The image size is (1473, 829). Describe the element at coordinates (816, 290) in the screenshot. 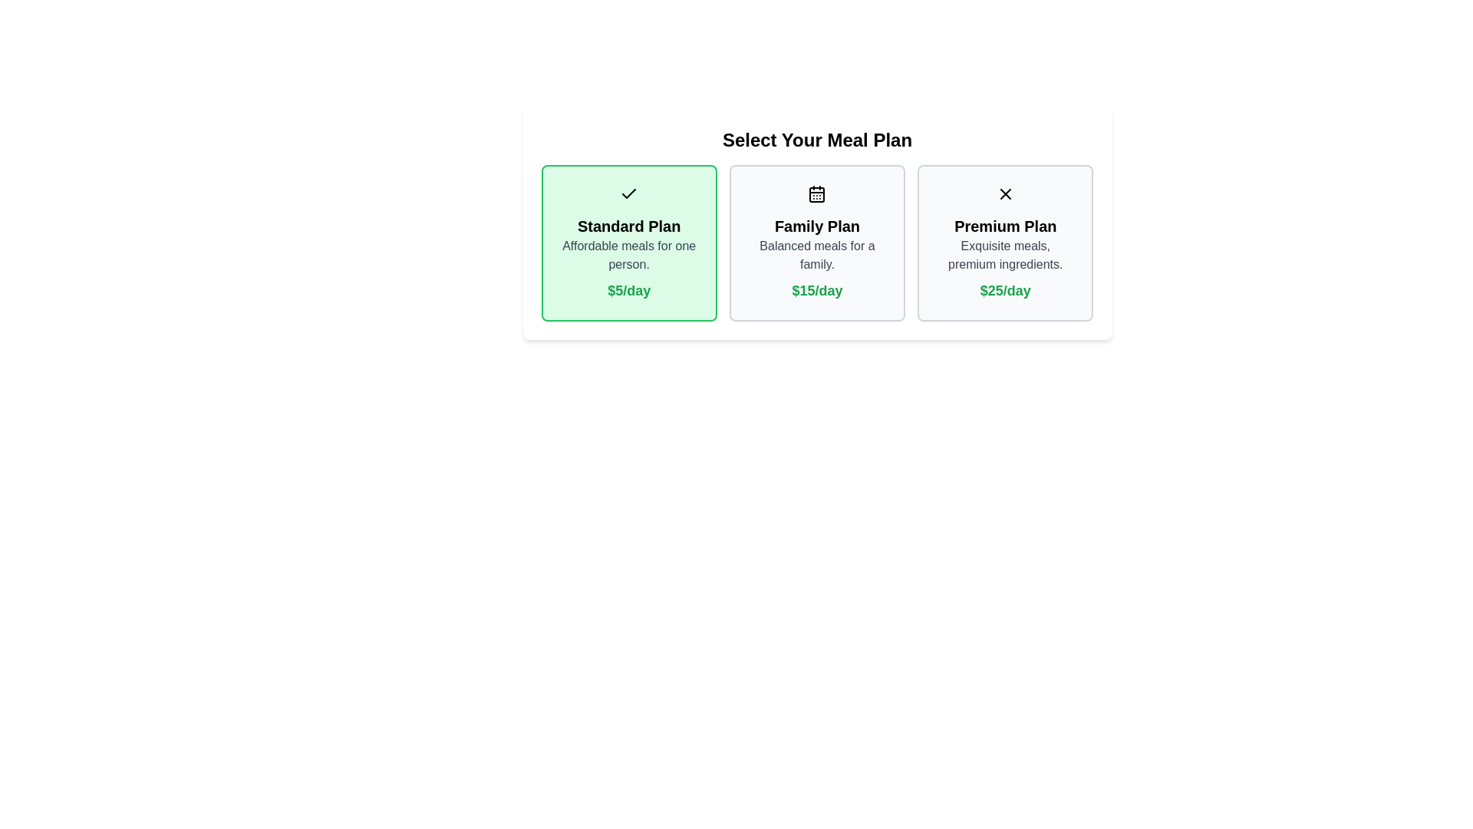

I see `pricing text for the 'Family Plan' meal option located in the middle card among three options, positioned below the description 'Balanced meals for a family.'` at that location.